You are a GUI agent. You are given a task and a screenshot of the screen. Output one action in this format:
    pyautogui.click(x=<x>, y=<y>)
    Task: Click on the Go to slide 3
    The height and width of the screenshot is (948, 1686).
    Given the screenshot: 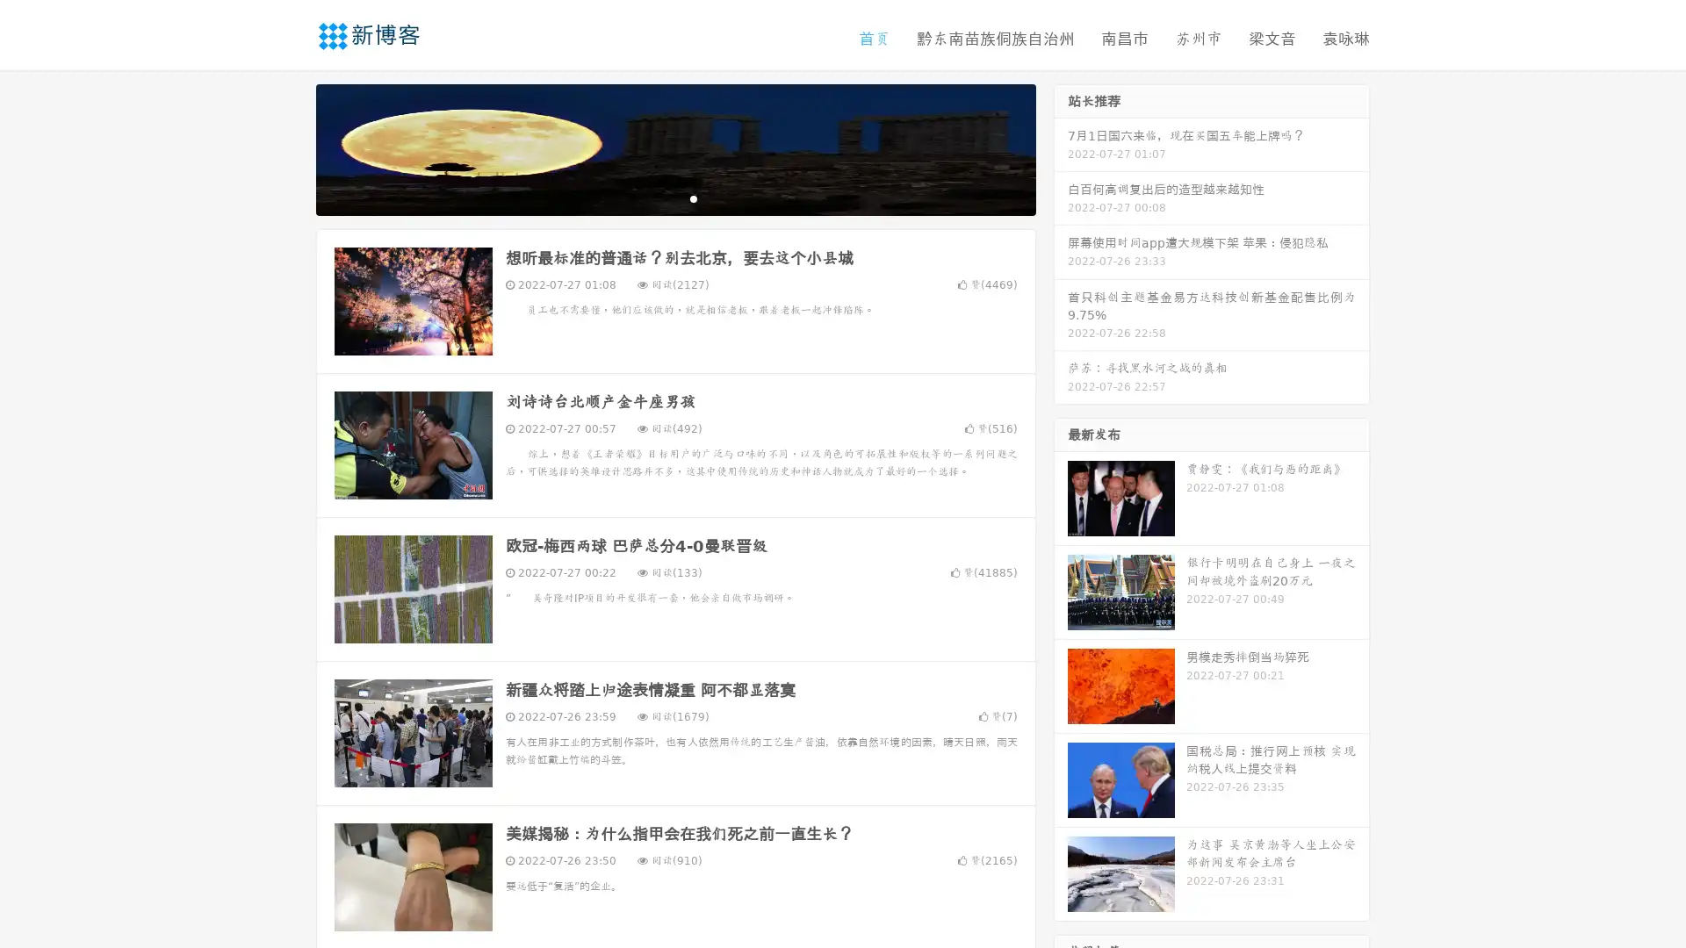 What is the action you would take?
    pyautogui.click(x=693, y=197)
    